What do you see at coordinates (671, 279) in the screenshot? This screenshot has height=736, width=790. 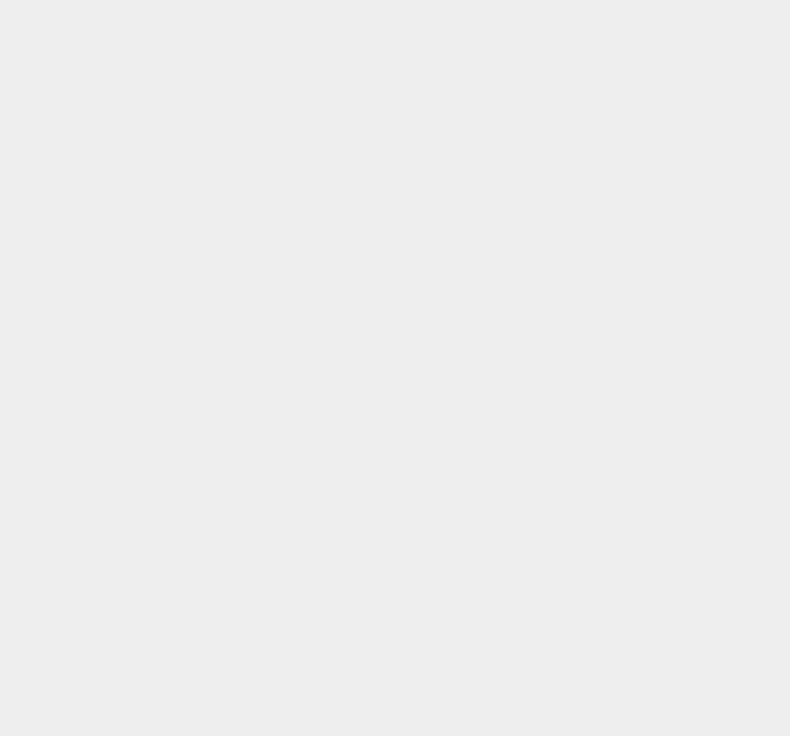 I see `'Jailbreak iOS 16.7.2 using Palera1n with Sileo or Cydia Installation [Guide]'` at bounding box center [671, 279].